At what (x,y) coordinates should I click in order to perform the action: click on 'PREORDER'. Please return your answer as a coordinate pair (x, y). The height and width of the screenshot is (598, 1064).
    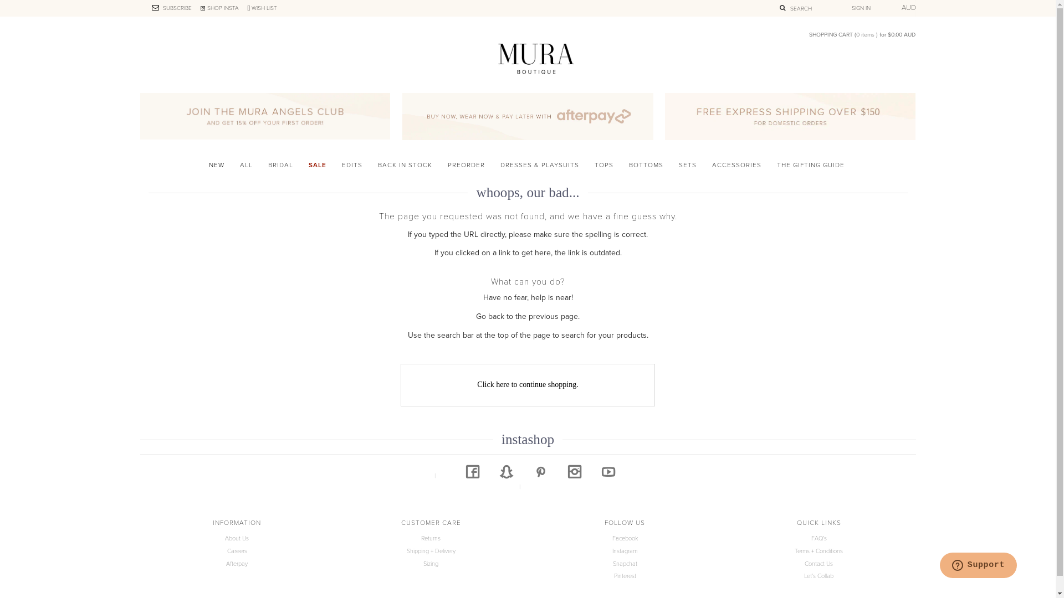
    Looking at the image, I should click on (466, 165).